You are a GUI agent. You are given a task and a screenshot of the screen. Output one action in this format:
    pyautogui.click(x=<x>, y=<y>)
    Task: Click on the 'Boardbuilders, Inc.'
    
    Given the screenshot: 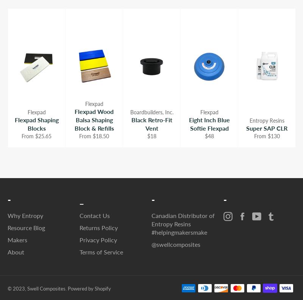 What is the action you would take?
    pyautogui.click(x=151, y=111)
    